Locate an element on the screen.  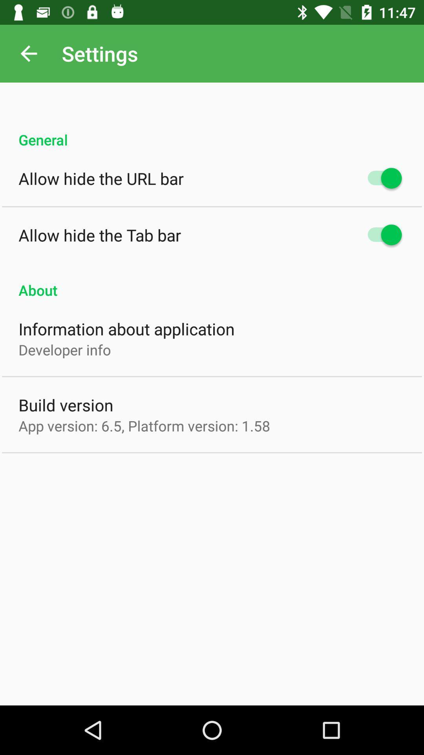
the build version item is located at coordinates (66, 405).